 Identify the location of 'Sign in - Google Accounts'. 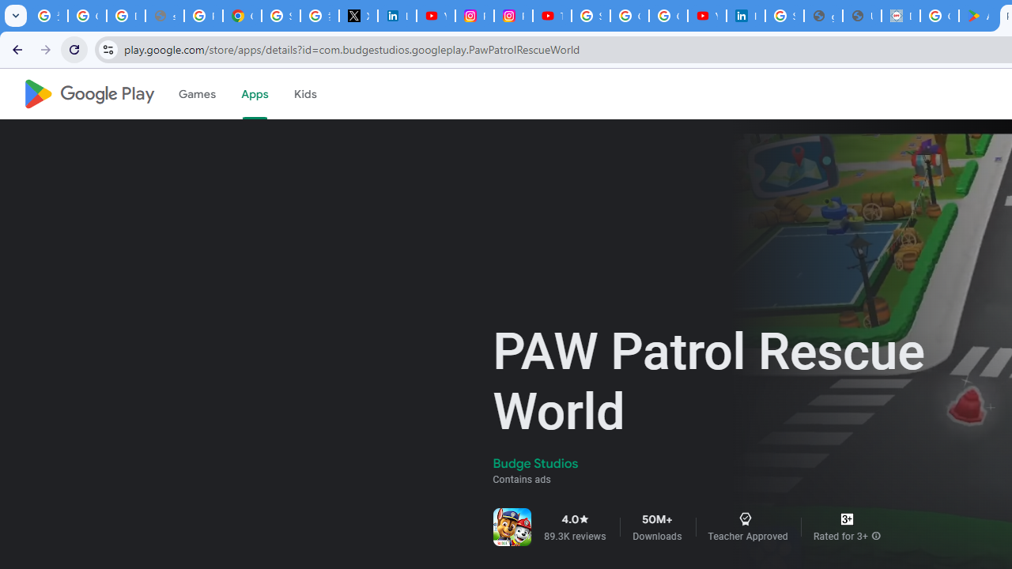
(281, 16).